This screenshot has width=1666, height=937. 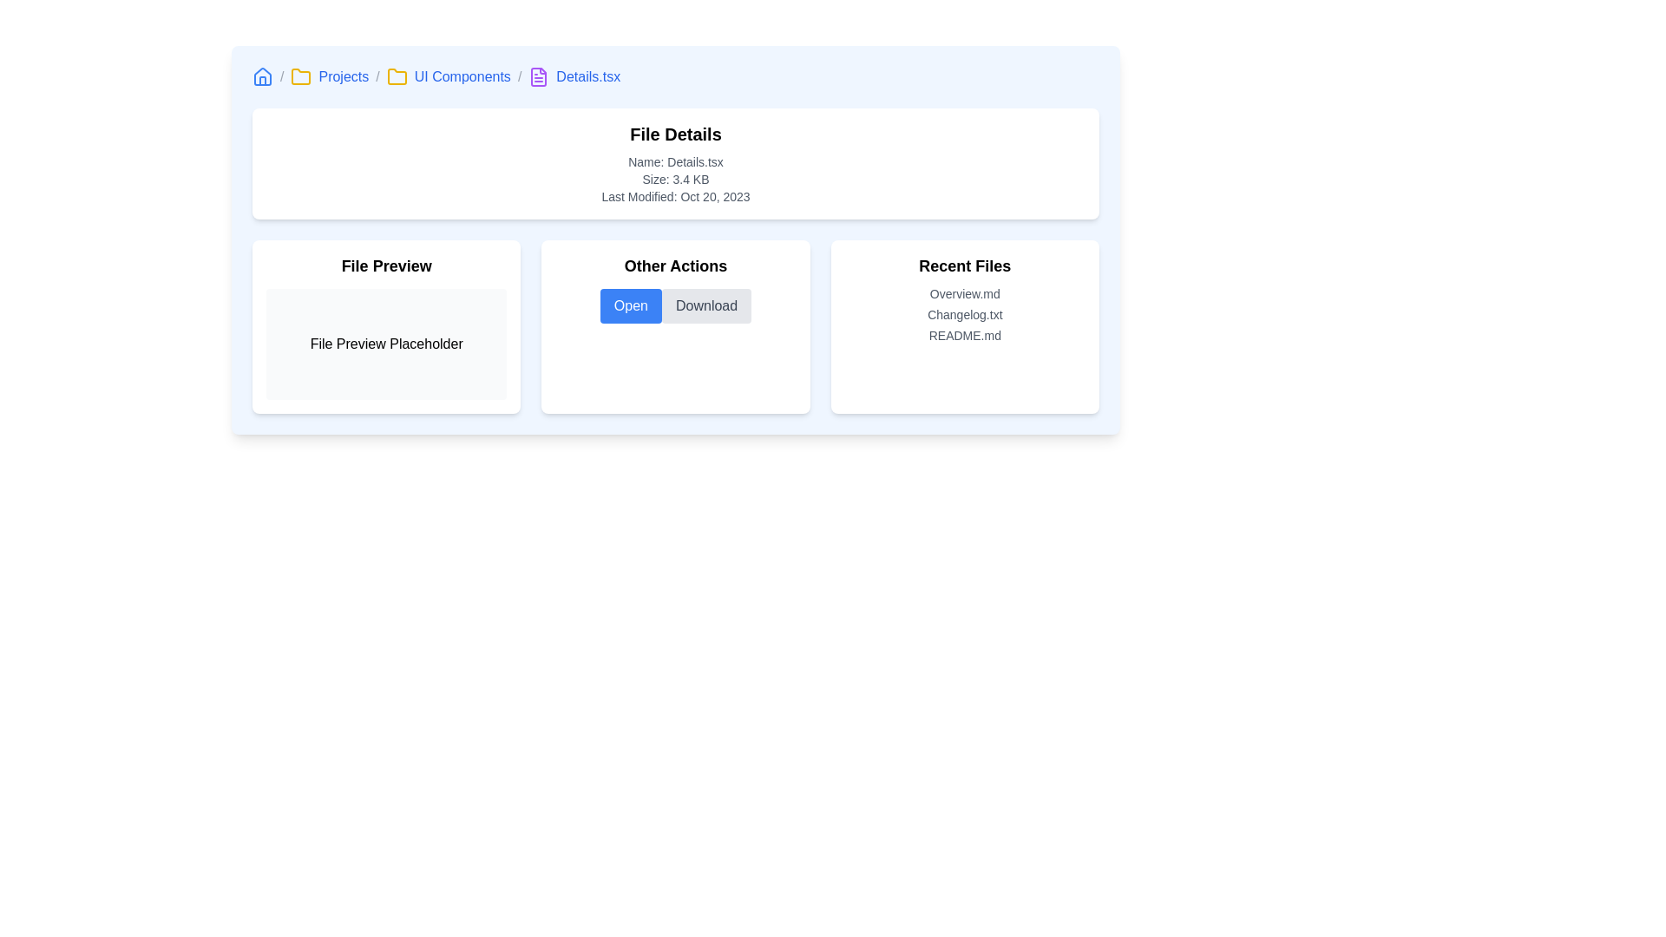 What do you see at coordinates (706, 305) in the screenshot?
I see `the 'Download' button` at bounding box center [706, 305].